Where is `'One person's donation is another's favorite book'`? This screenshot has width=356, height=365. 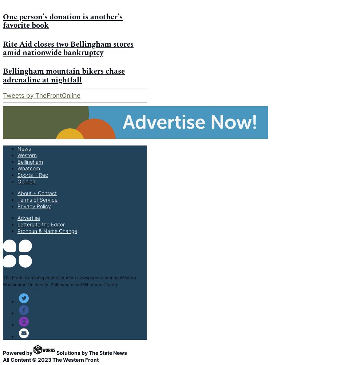 'One person's donation is another's favorite book' is located at coordinates (63, 21).